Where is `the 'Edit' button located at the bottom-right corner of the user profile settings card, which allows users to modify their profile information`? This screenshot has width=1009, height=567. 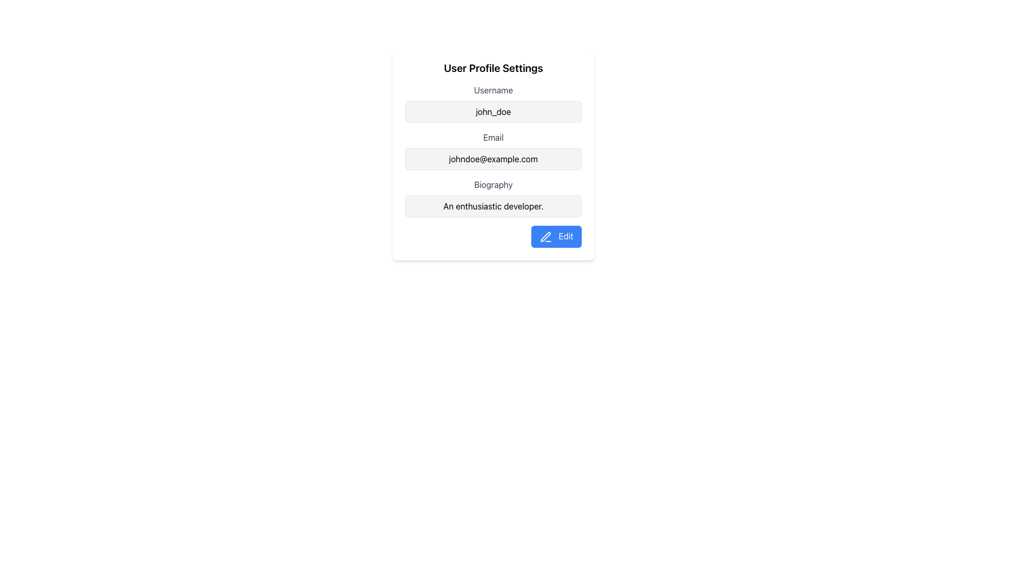
the 'Edit' button located at the bottom-right corner of the user profile settings card, which allows users to modify their profile information is located at coordinates (555, 236).